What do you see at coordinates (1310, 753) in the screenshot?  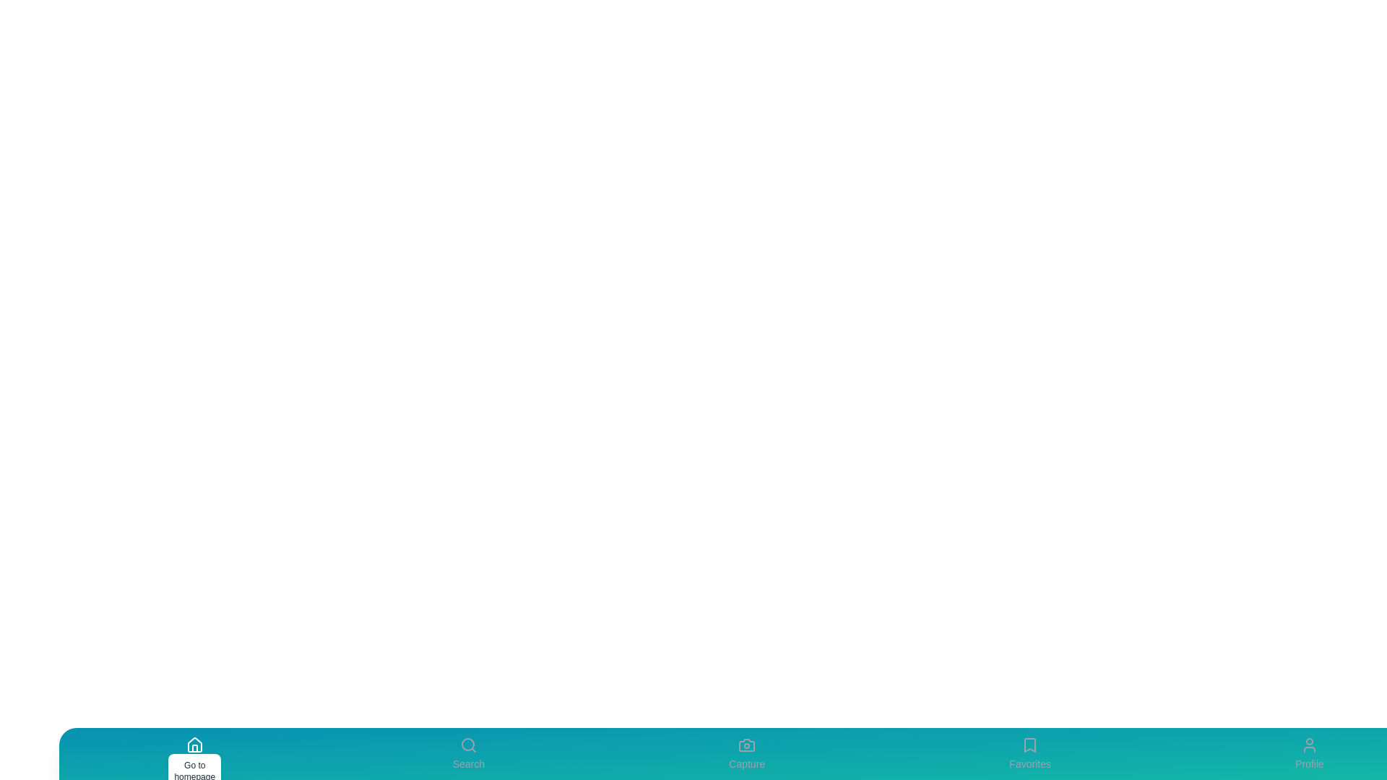 I see `the Profile tab to navigate to its section` at bounding box center [1310, 753].